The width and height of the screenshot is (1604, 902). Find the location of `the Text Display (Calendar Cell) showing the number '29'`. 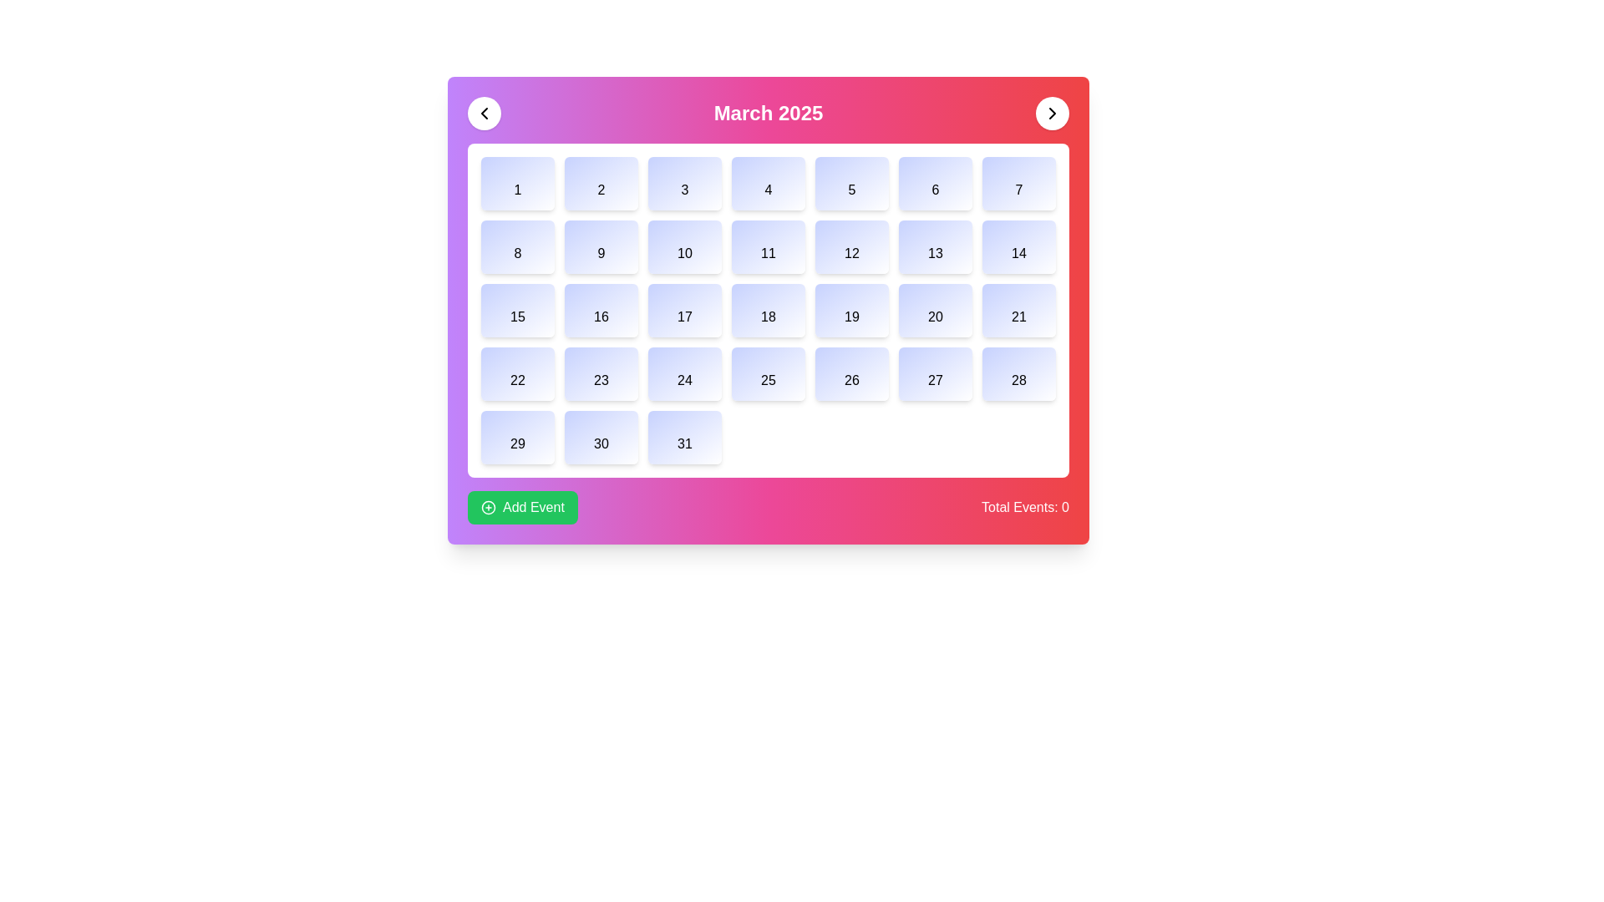

the Text Display (Calendar Cell) showing the number '29' is located at coordinates (516, 437).